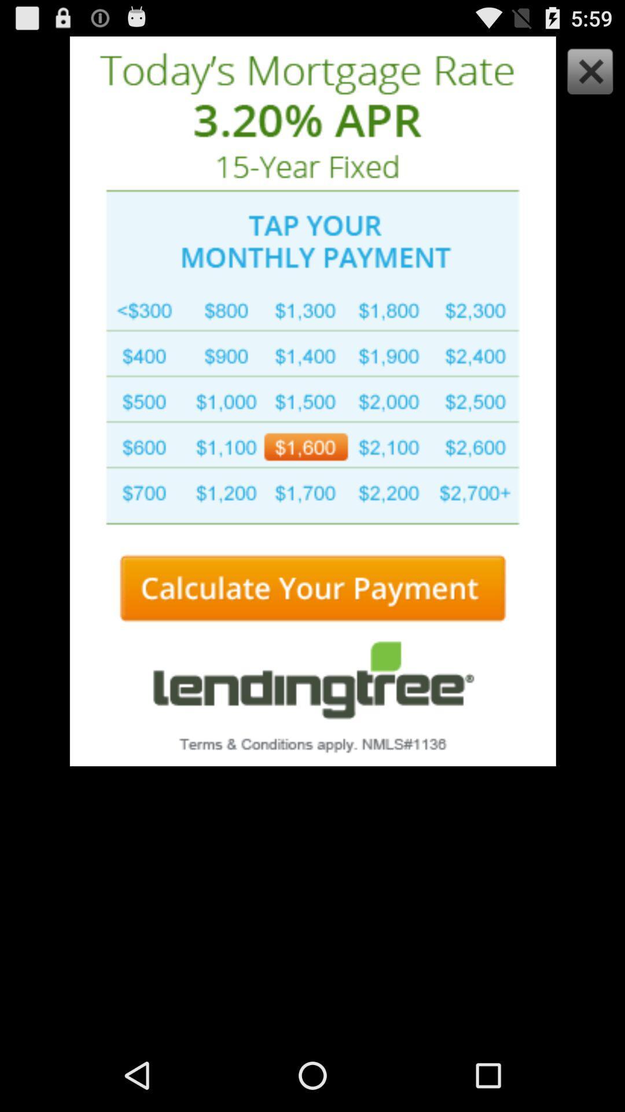  What do you see at coordinates (587, 74) in the screenshot?
I see `exit advertisement` at bounding box center [587, 74].